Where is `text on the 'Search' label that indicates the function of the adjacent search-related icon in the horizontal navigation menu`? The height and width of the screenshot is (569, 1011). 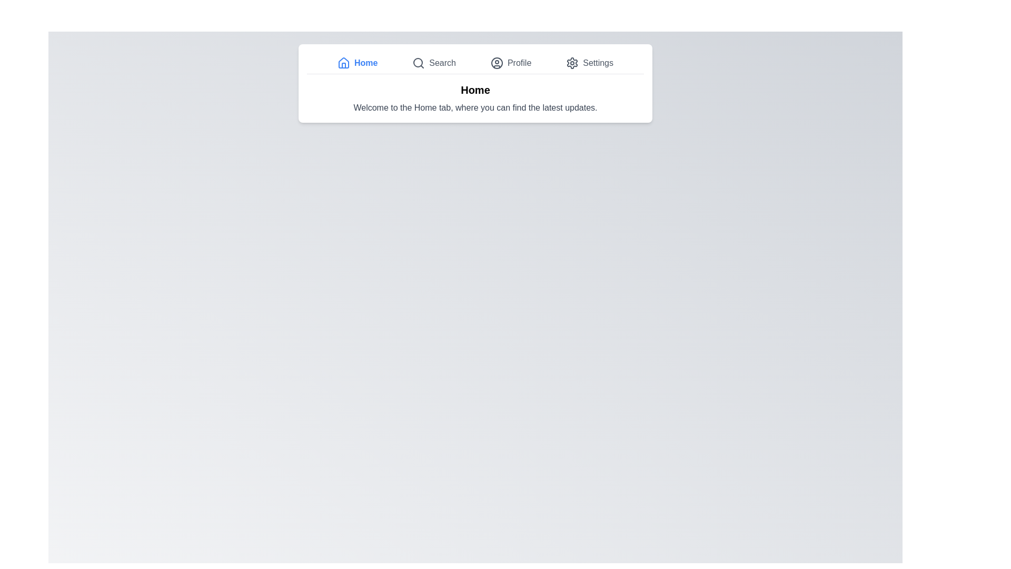 text on the 'Search' label that indicates the function of the adjacent search-related icon in the horizontal navigation menu is located at coordinates (442, 63).